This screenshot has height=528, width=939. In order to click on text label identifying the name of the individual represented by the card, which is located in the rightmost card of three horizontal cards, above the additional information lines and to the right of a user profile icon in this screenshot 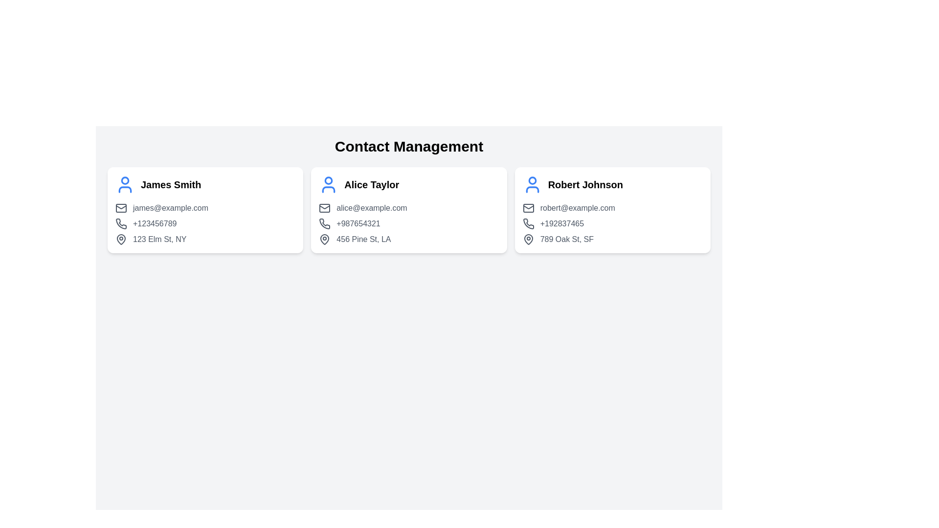, I will do `click(585, 185)`.